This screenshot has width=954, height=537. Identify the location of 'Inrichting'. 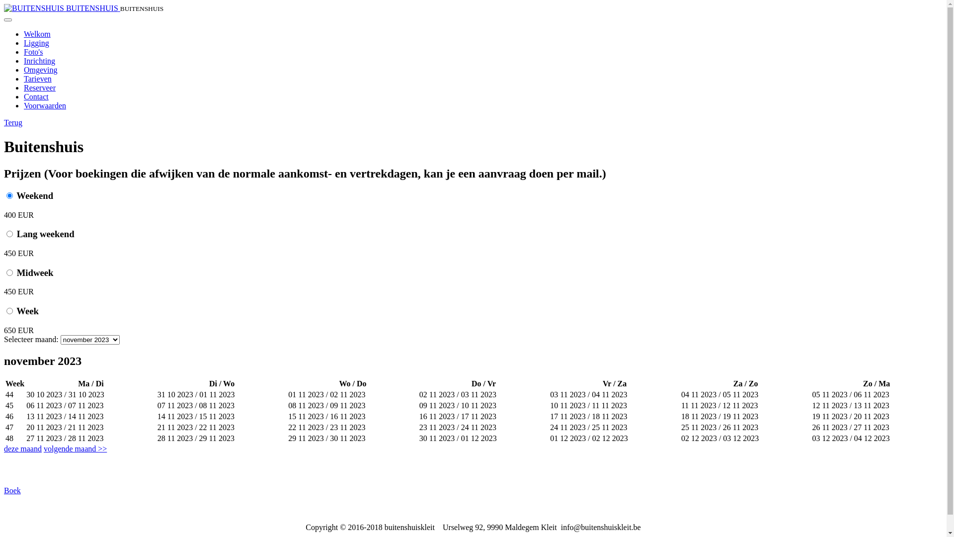
(39, 61).